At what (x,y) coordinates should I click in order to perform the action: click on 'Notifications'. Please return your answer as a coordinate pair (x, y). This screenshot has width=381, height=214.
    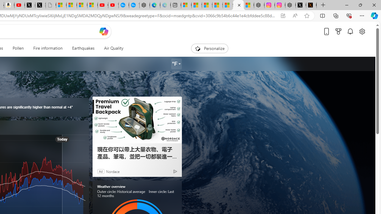
    Looking at the image, I should click on (350, 31).